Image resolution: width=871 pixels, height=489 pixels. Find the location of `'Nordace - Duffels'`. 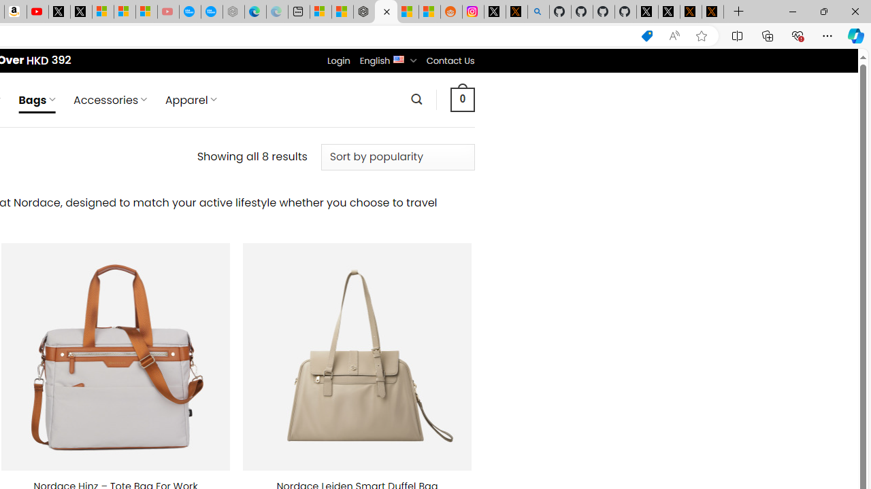

'Nordace - Duffels' is located at coordinates (385, 12).